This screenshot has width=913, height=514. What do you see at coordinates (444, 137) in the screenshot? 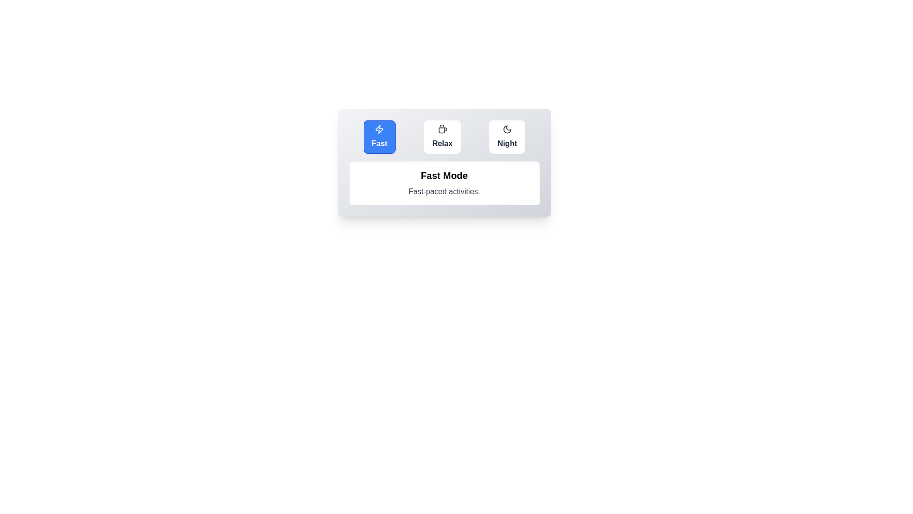
I see `the 'Relax' button, which is the middle button among three horizontally aligned buttons, styled with a white background and gray text, to observe any hover effects` at bounding box center [444, 137].